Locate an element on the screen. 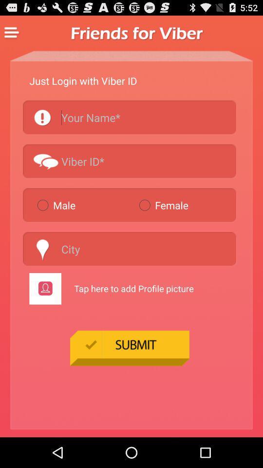 This screenshot has height=468, width=263. the radio button on the right is located at coordinates (186, 204).